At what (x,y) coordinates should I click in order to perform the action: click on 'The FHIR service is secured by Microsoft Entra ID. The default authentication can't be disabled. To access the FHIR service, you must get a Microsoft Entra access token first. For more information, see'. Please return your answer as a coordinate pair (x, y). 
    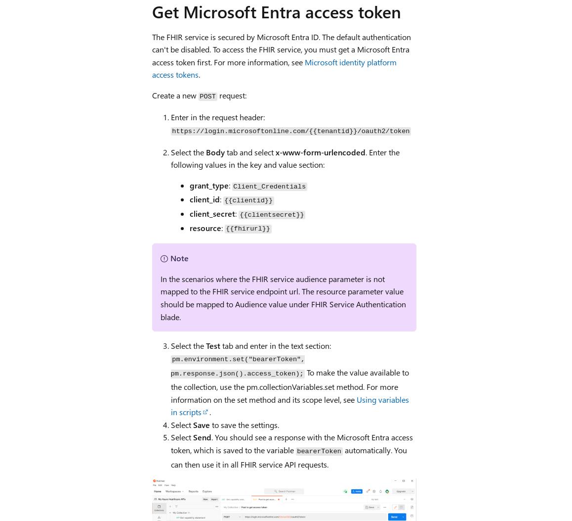
    Looking at the image, I should click on (281, 48).